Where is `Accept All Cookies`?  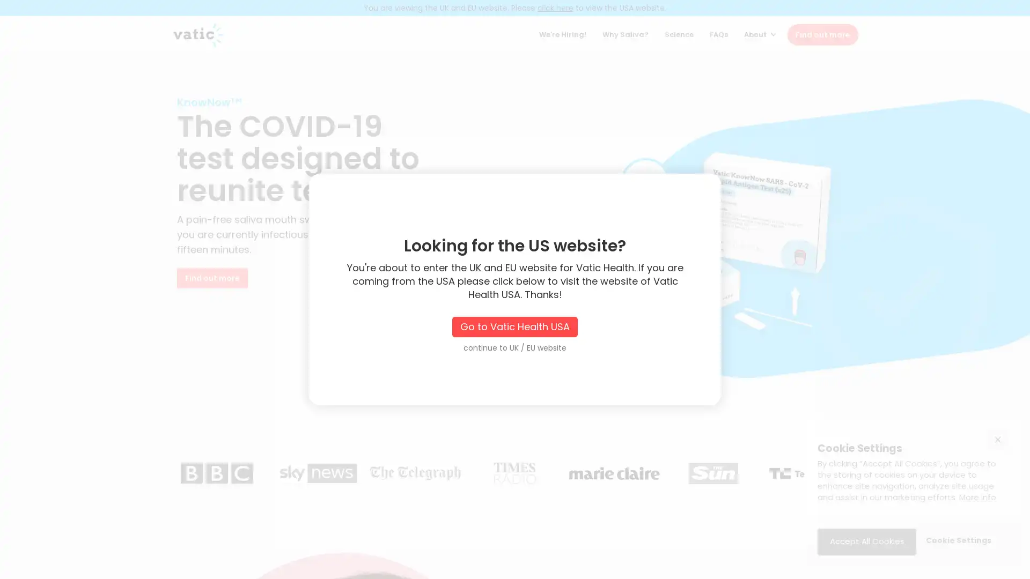
Accept All Cookies is located at coordinates (867, 541).